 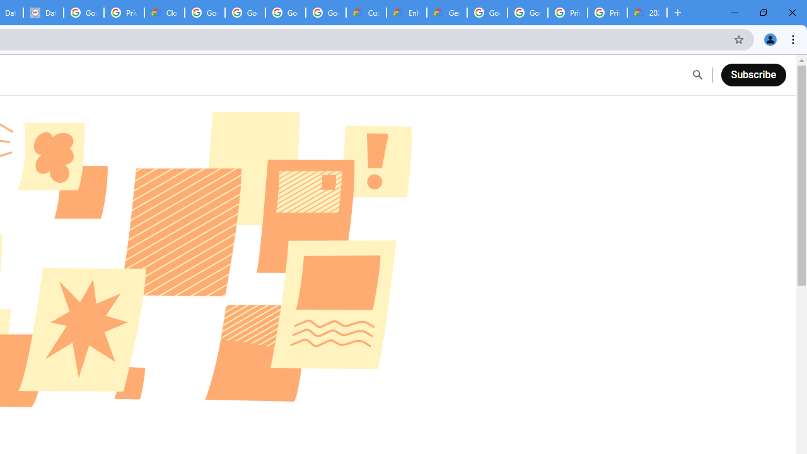 I want to click on 'Gemini for Business and Developers | Google Cloud', so click(x=447, y=13).